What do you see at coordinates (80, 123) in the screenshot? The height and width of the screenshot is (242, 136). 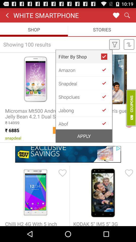 I see `the button above the apply` at bounding box center [80, 123].